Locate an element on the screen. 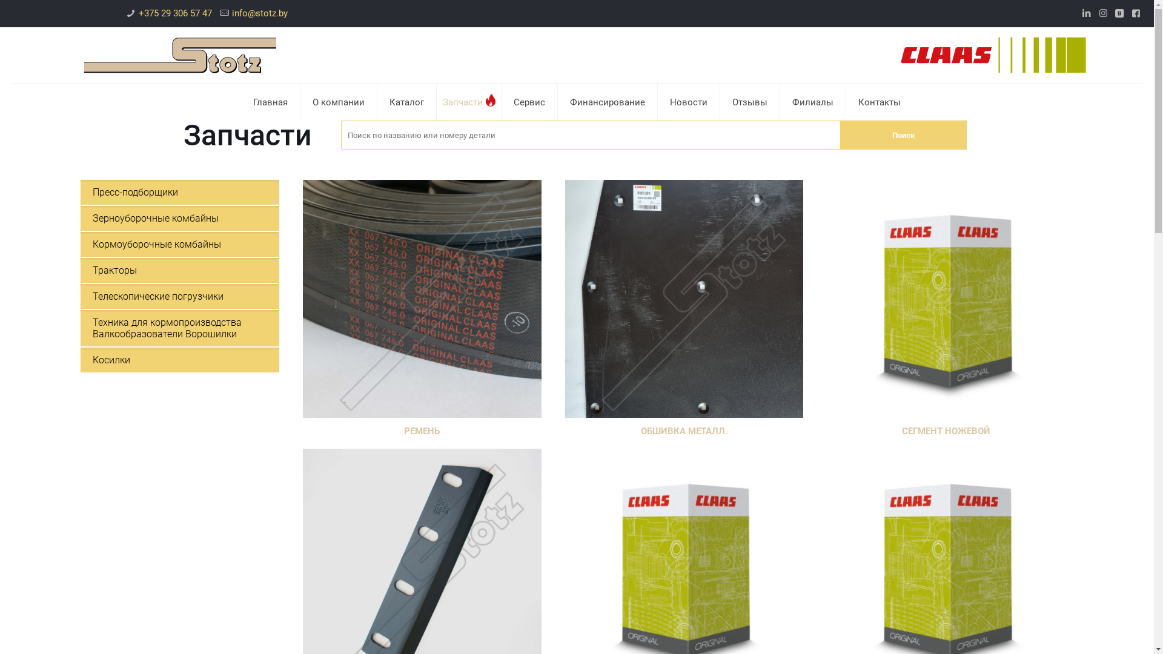 Image resolution: width=1163 pixels, height=654 pixels. 'VKontakte' is located at coordinates (1119, 13).